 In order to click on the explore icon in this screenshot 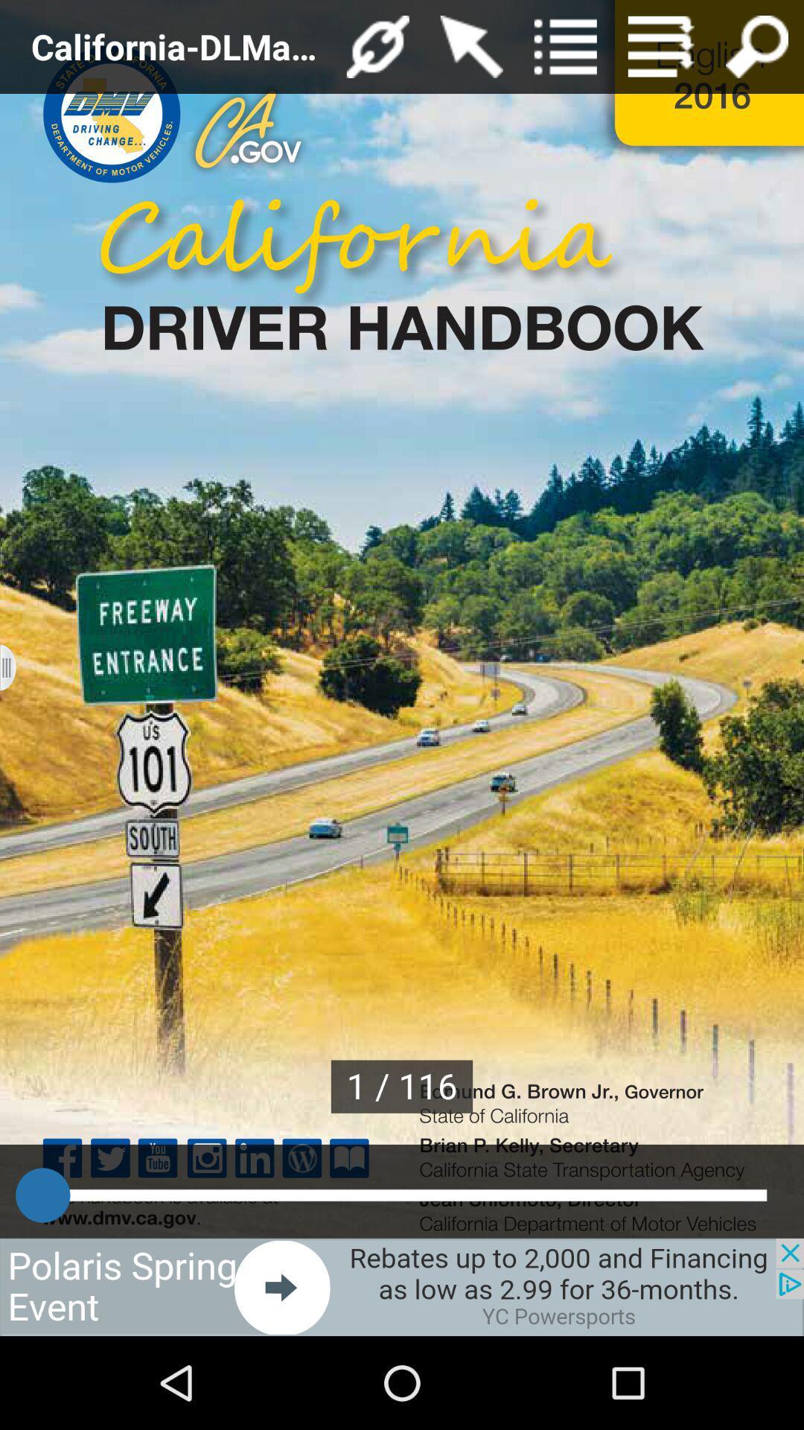, I will do `click(377, 50)`.